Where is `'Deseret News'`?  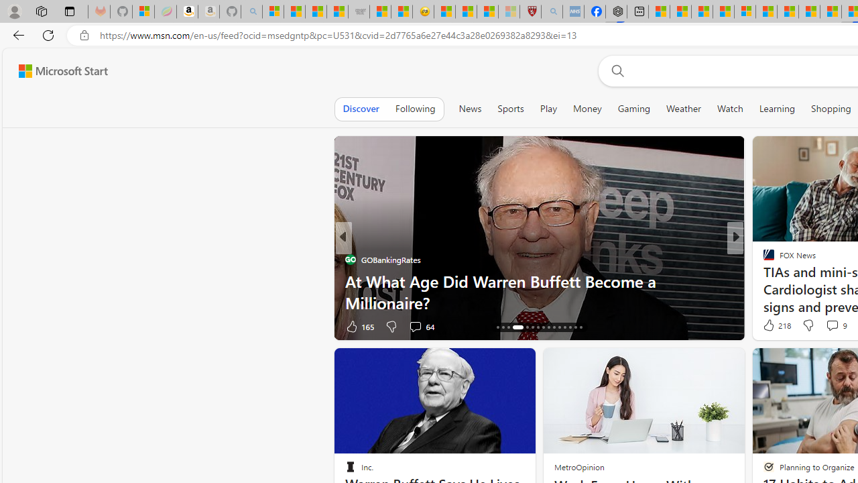
'Deseret News' is located at coordinates (763, 280).